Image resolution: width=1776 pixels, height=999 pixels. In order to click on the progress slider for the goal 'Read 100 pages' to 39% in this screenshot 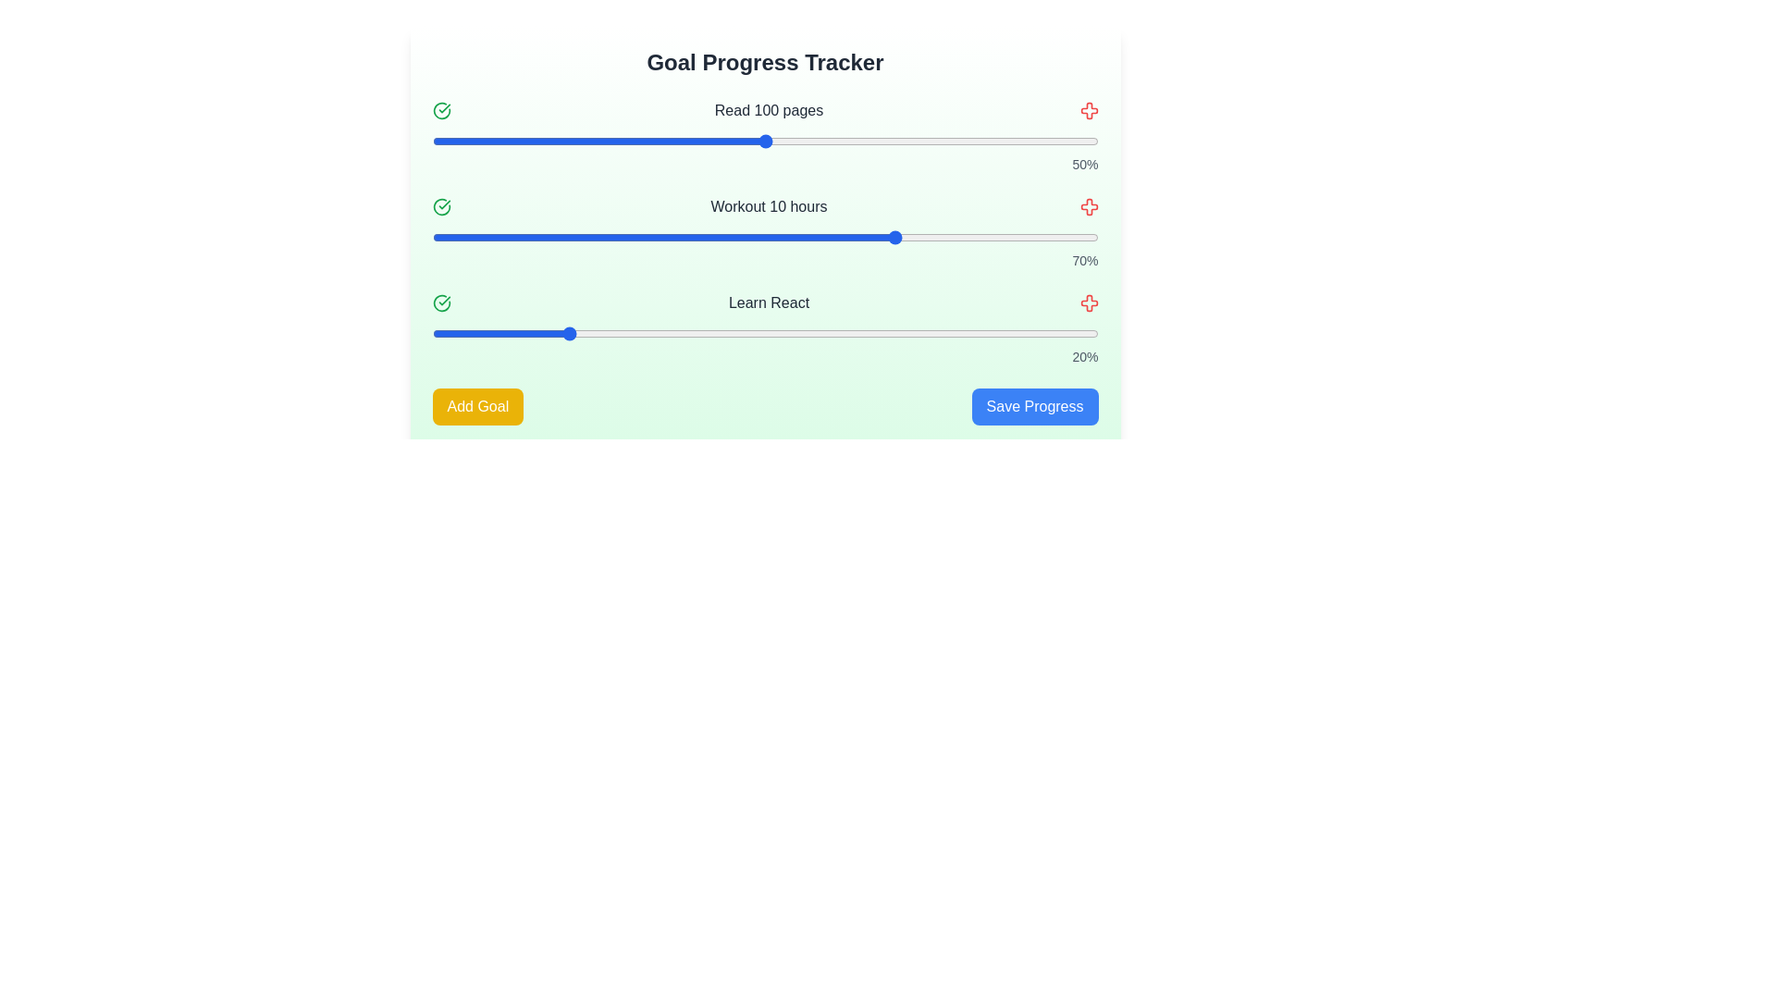, I will do `click(691, 141)`.